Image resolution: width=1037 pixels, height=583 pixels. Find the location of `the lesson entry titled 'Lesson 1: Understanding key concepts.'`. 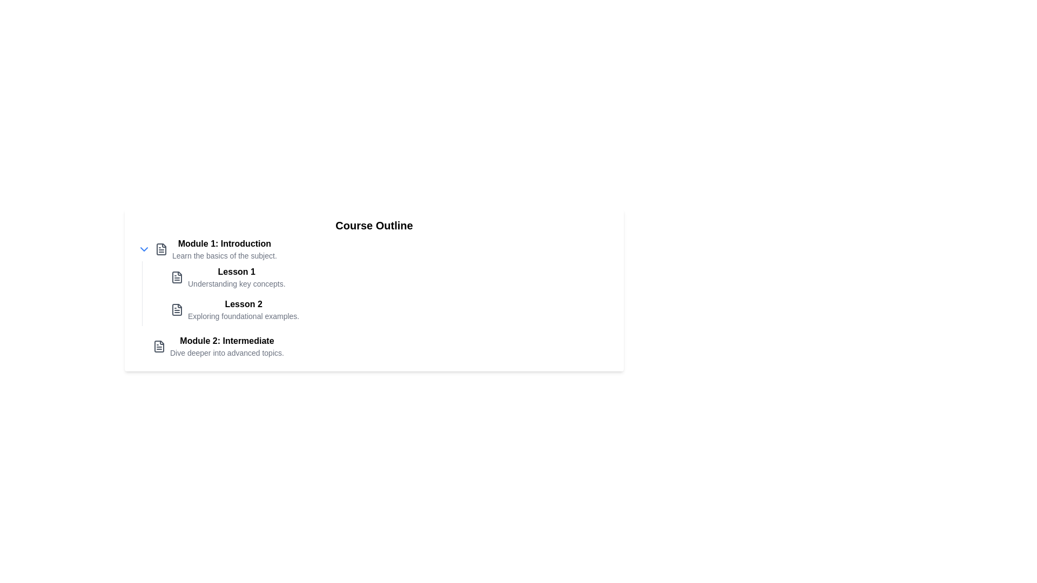

the lesson entry titled 'Lesson 1: Understanding key concepts.' is located at coordinates (236, 276).